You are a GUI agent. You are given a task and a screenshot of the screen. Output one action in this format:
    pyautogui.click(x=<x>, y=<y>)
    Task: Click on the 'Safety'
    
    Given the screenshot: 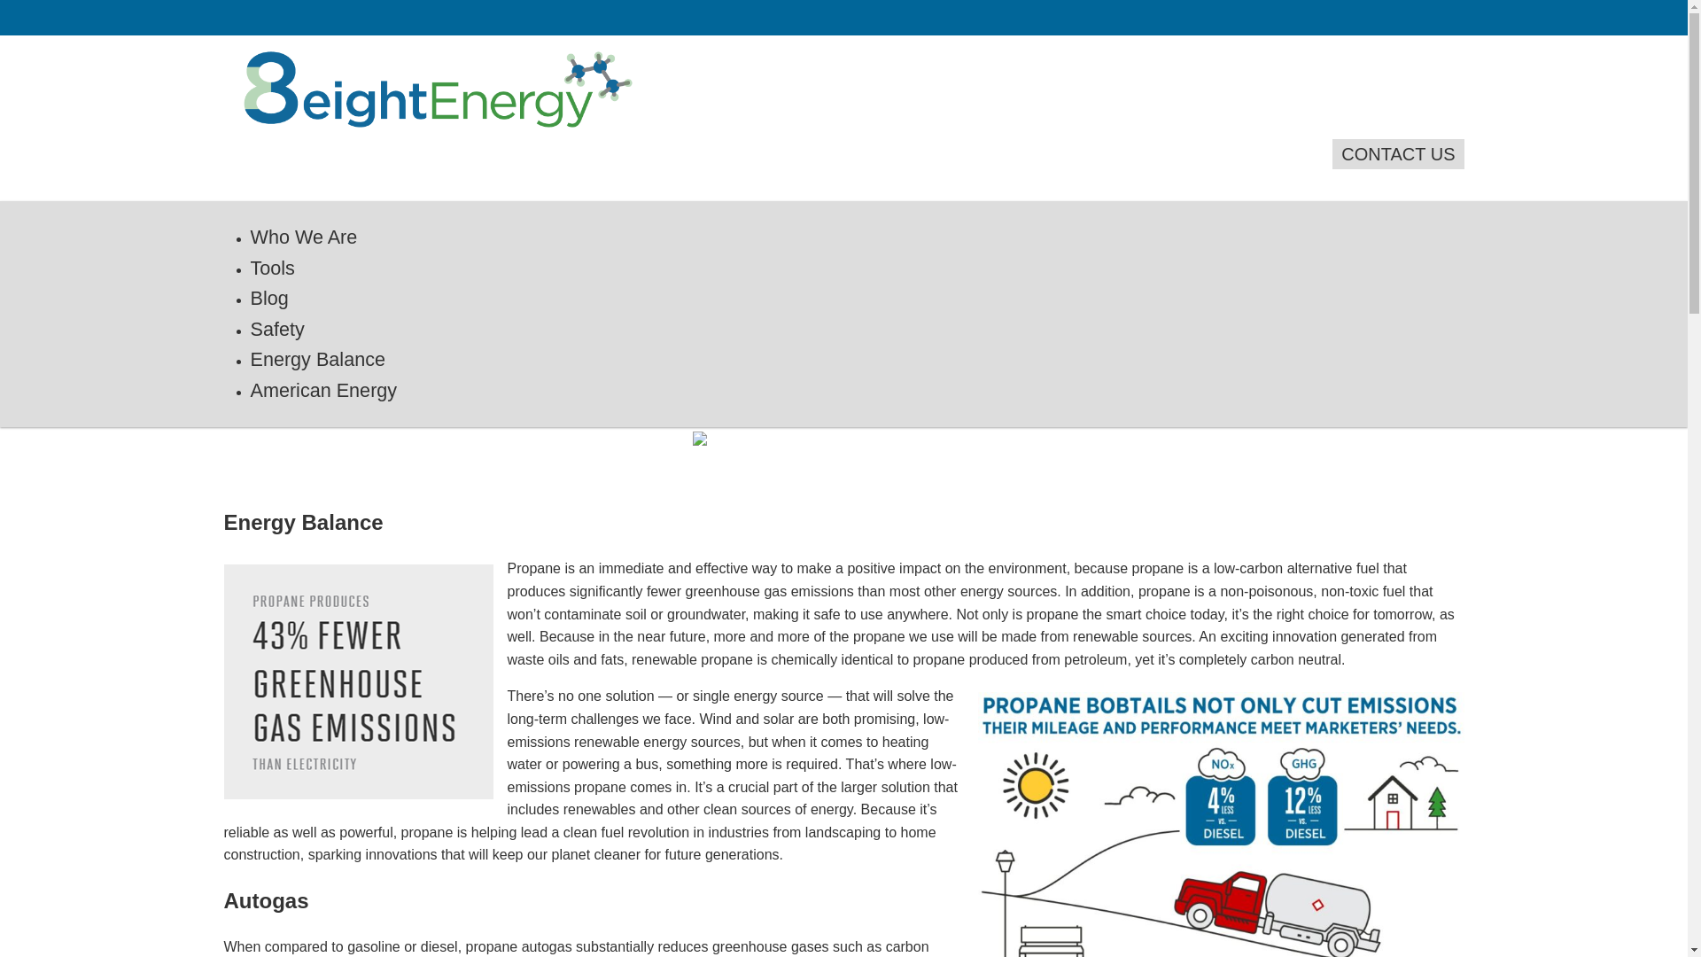 What is the action you would take?
    pyautogui.click(x=276, y=329)
    